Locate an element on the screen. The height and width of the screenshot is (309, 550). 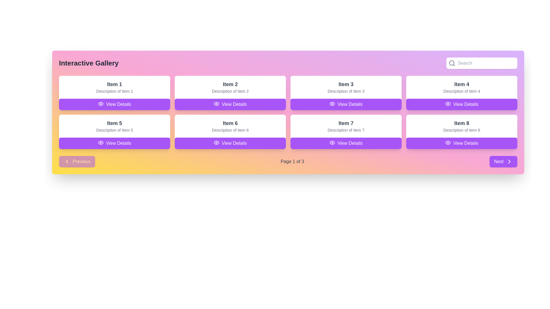
the 'View Details' button, which is a rectangular button with a purple background and white text, located below 'Item 3' and 'Description of Item 3' is located at coordinates (346, 104).